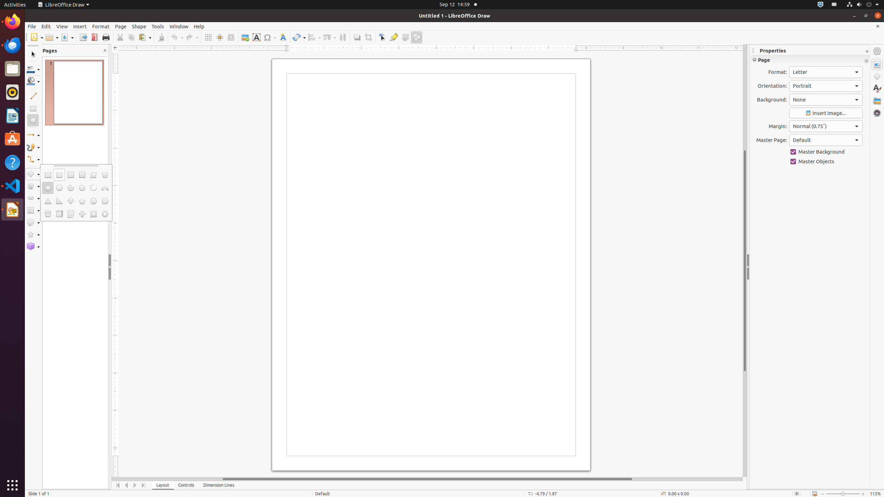 This screenshot has height=497, width=884. What do you see at coordinates (94, 37) in the screenshot?
I see `'PDF'` at bounding box center [94, 37].